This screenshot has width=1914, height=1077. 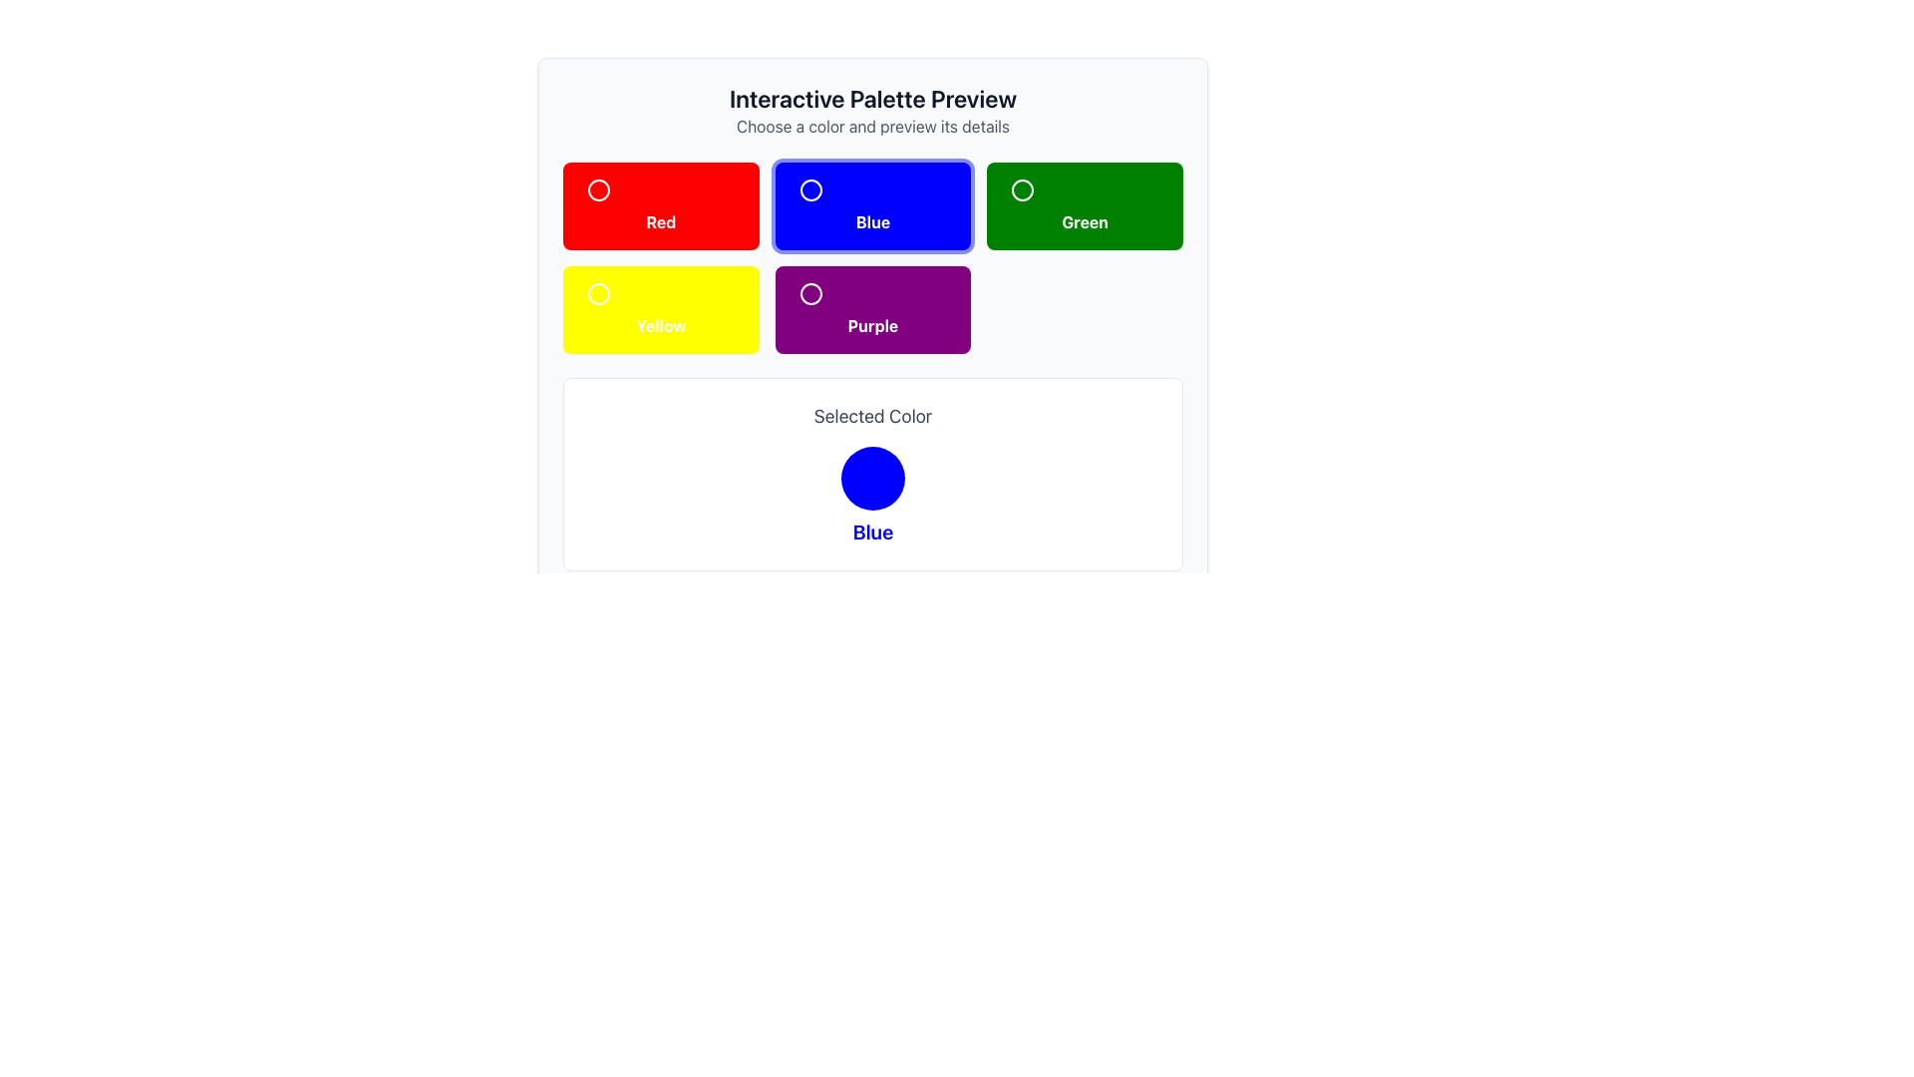 I want to click on the circle that serves as a selectable indicator for the 'Purple' color in the color palette, so click(x=810, y=293).